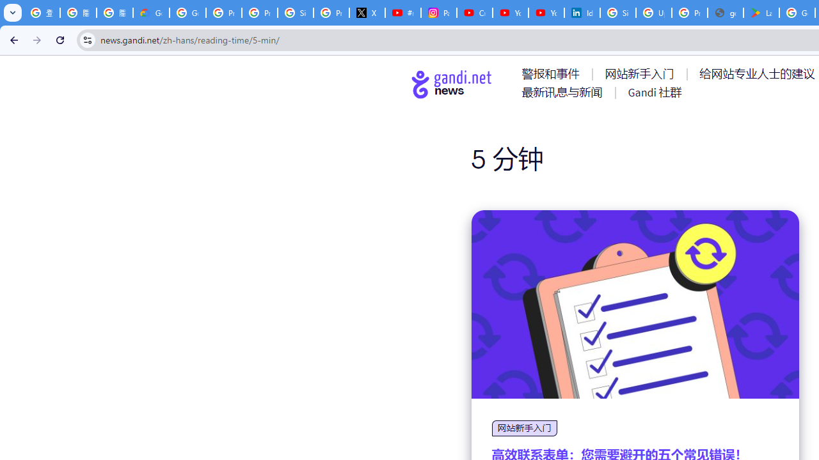 Image resolution: width=819 pixels, height=460 pixels. What do you see at coordinates (258, 13) in the screenshot?
I see `'Privacy Help Center - Policies Help'` at bounding box center [258, 13].